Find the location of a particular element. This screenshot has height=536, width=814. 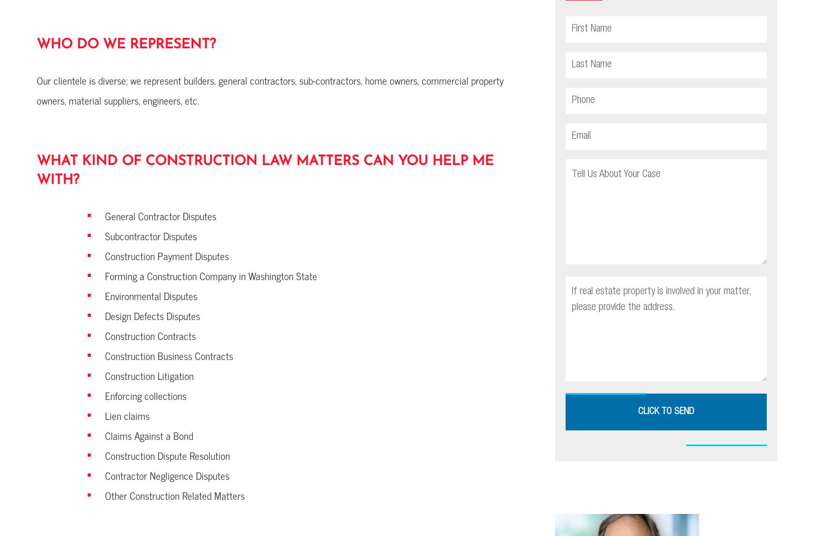

'Design Defects Disputes' is located at coordinates (152, 315).